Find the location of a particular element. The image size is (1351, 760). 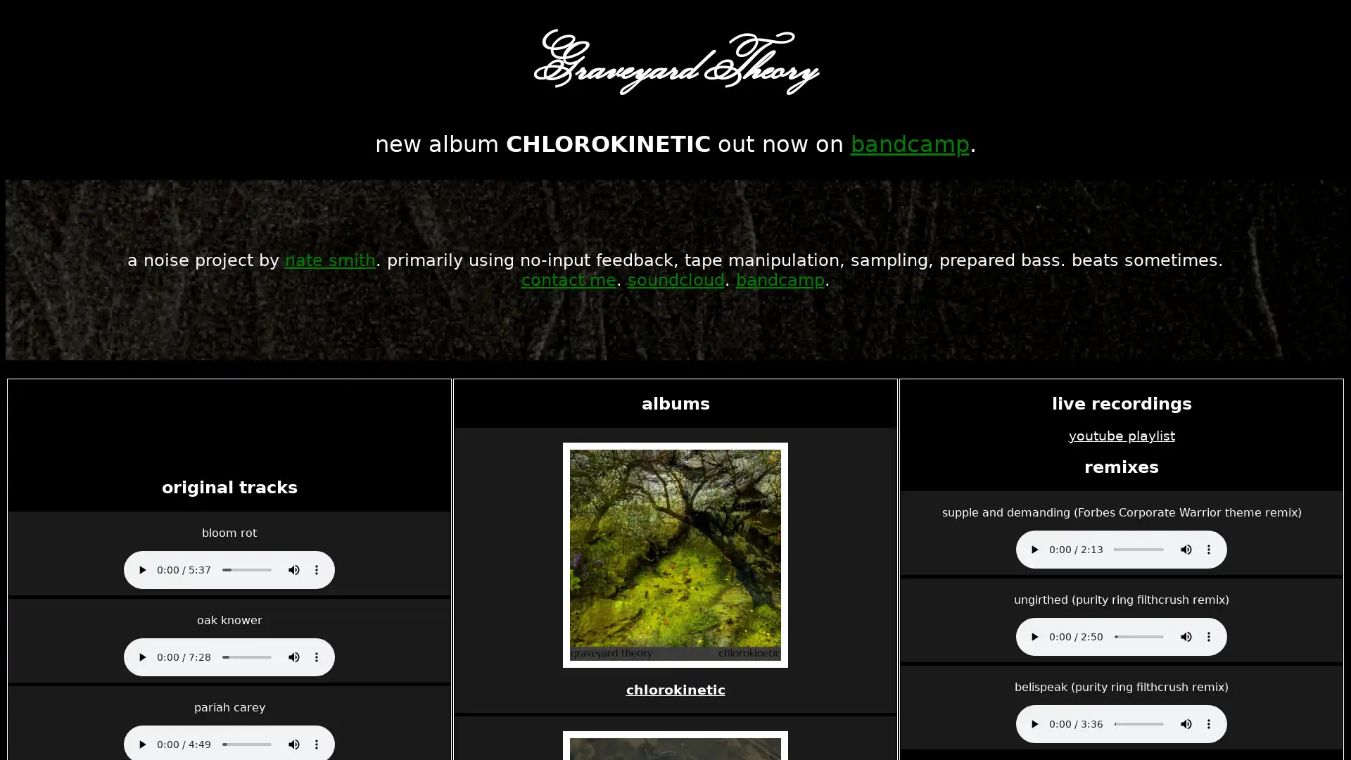

mute is located at coordinates (1185, 548).